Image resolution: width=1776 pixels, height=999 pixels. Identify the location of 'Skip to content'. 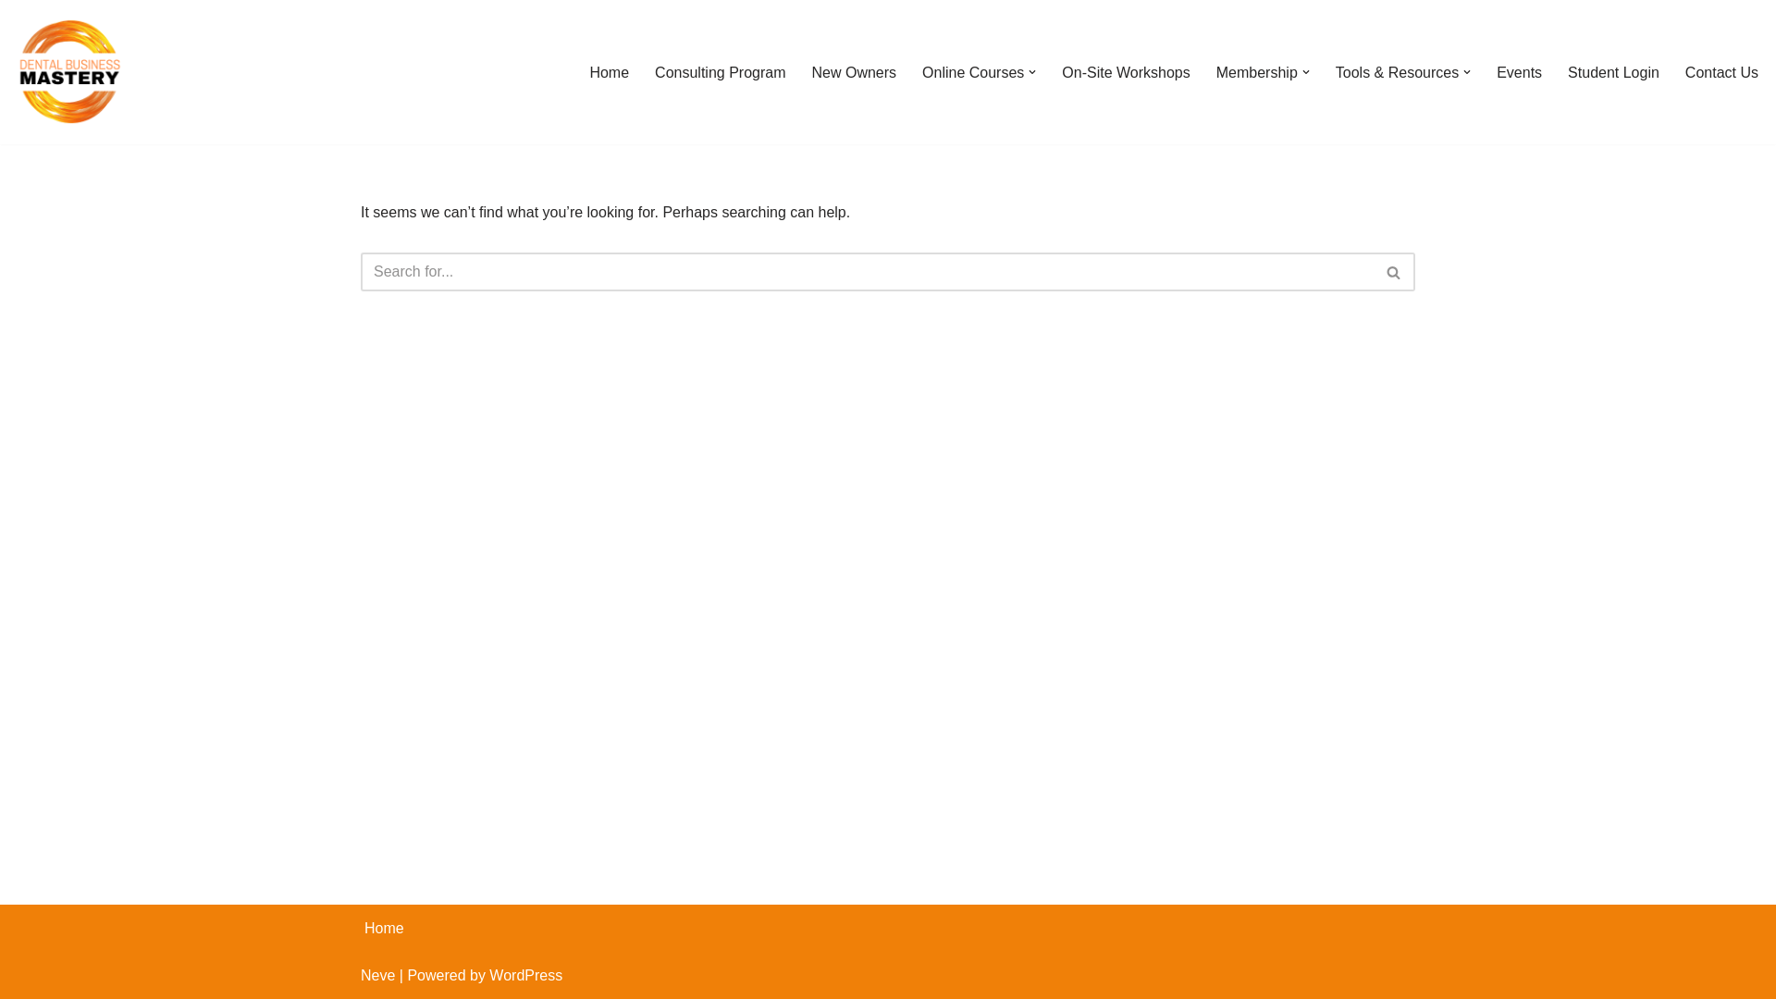
(13, 39).